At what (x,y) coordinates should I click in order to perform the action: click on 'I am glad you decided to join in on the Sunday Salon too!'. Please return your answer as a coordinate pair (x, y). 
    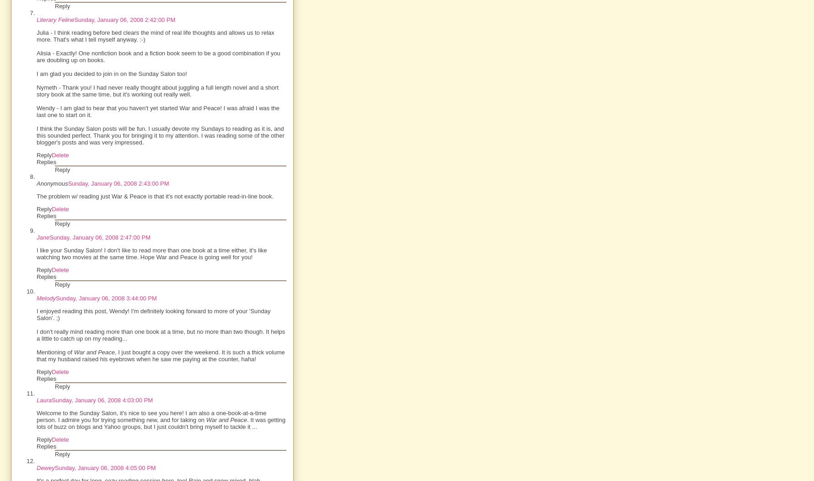
    Looking at the image, I should click on (111, 73).